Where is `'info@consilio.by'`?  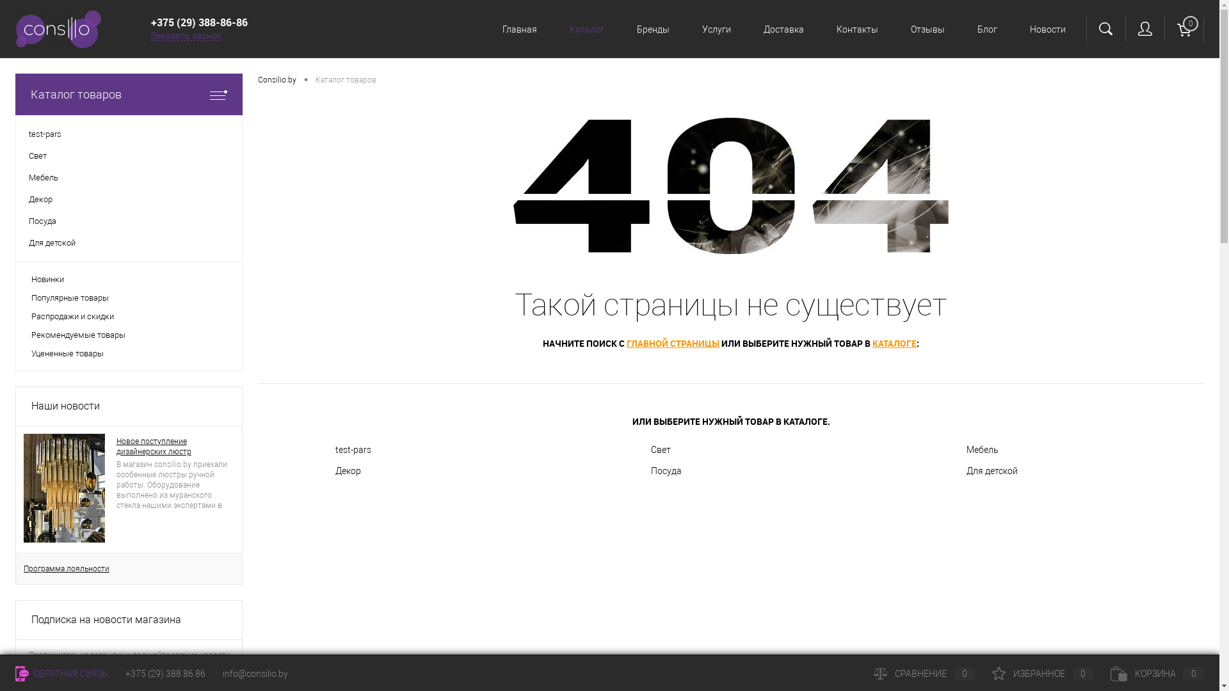
'info@consilio.by' is located at coordinates (255, 673).